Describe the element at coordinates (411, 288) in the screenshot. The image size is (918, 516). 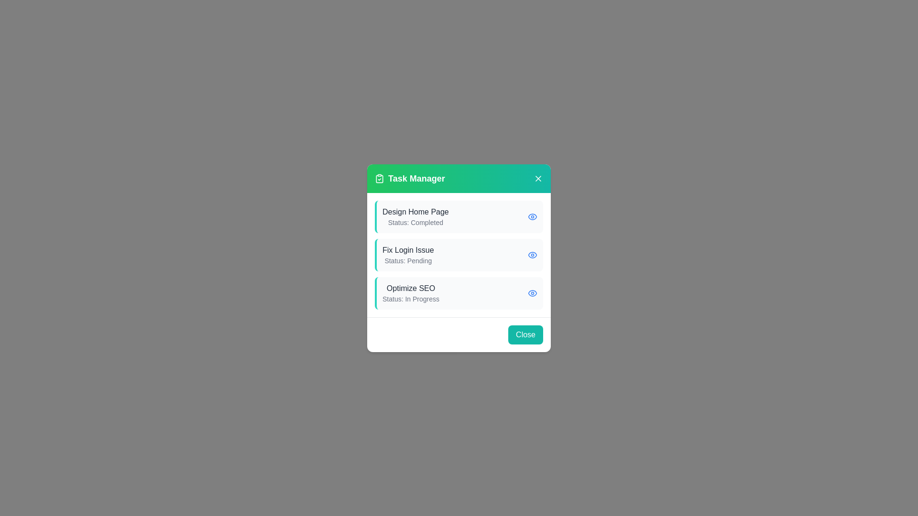
I see `the Text Label that serves as the title for the third task entry in the Task Manager interface, which is positioned above the subtext 'Status: In Progress'` at that location.